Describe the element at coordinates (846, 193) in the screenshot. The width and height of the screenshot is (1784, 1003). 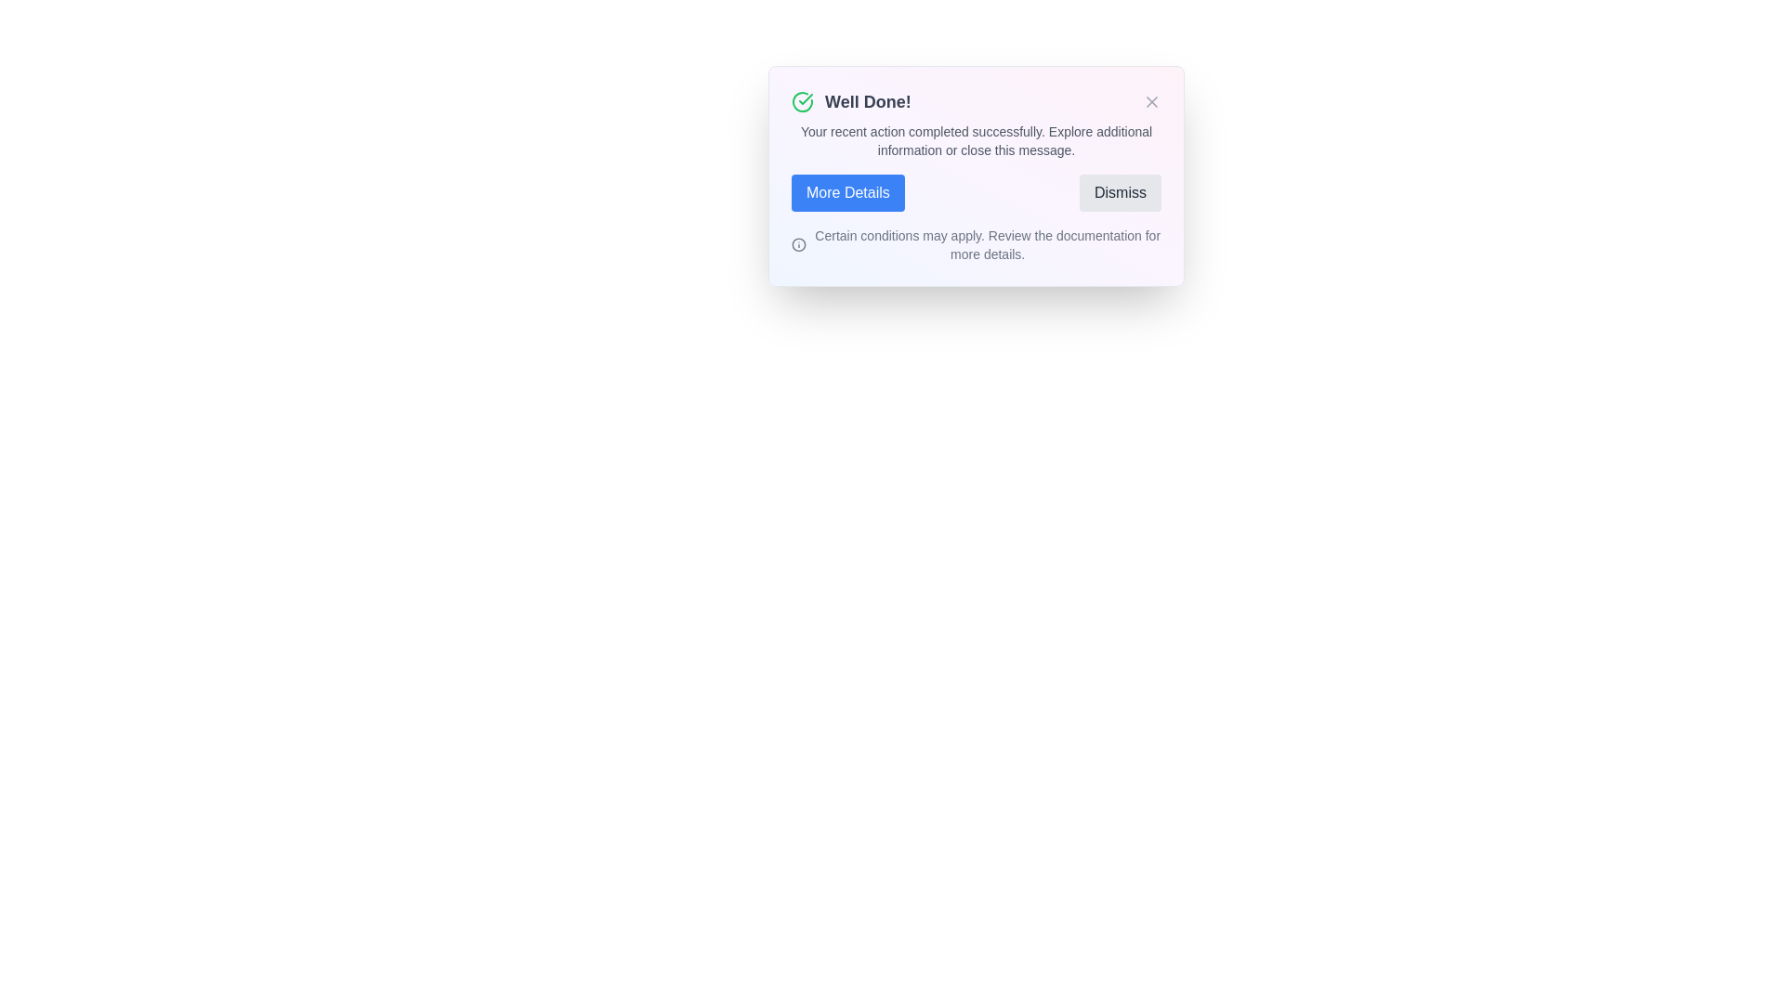
I see `the element with More Details` at that location.